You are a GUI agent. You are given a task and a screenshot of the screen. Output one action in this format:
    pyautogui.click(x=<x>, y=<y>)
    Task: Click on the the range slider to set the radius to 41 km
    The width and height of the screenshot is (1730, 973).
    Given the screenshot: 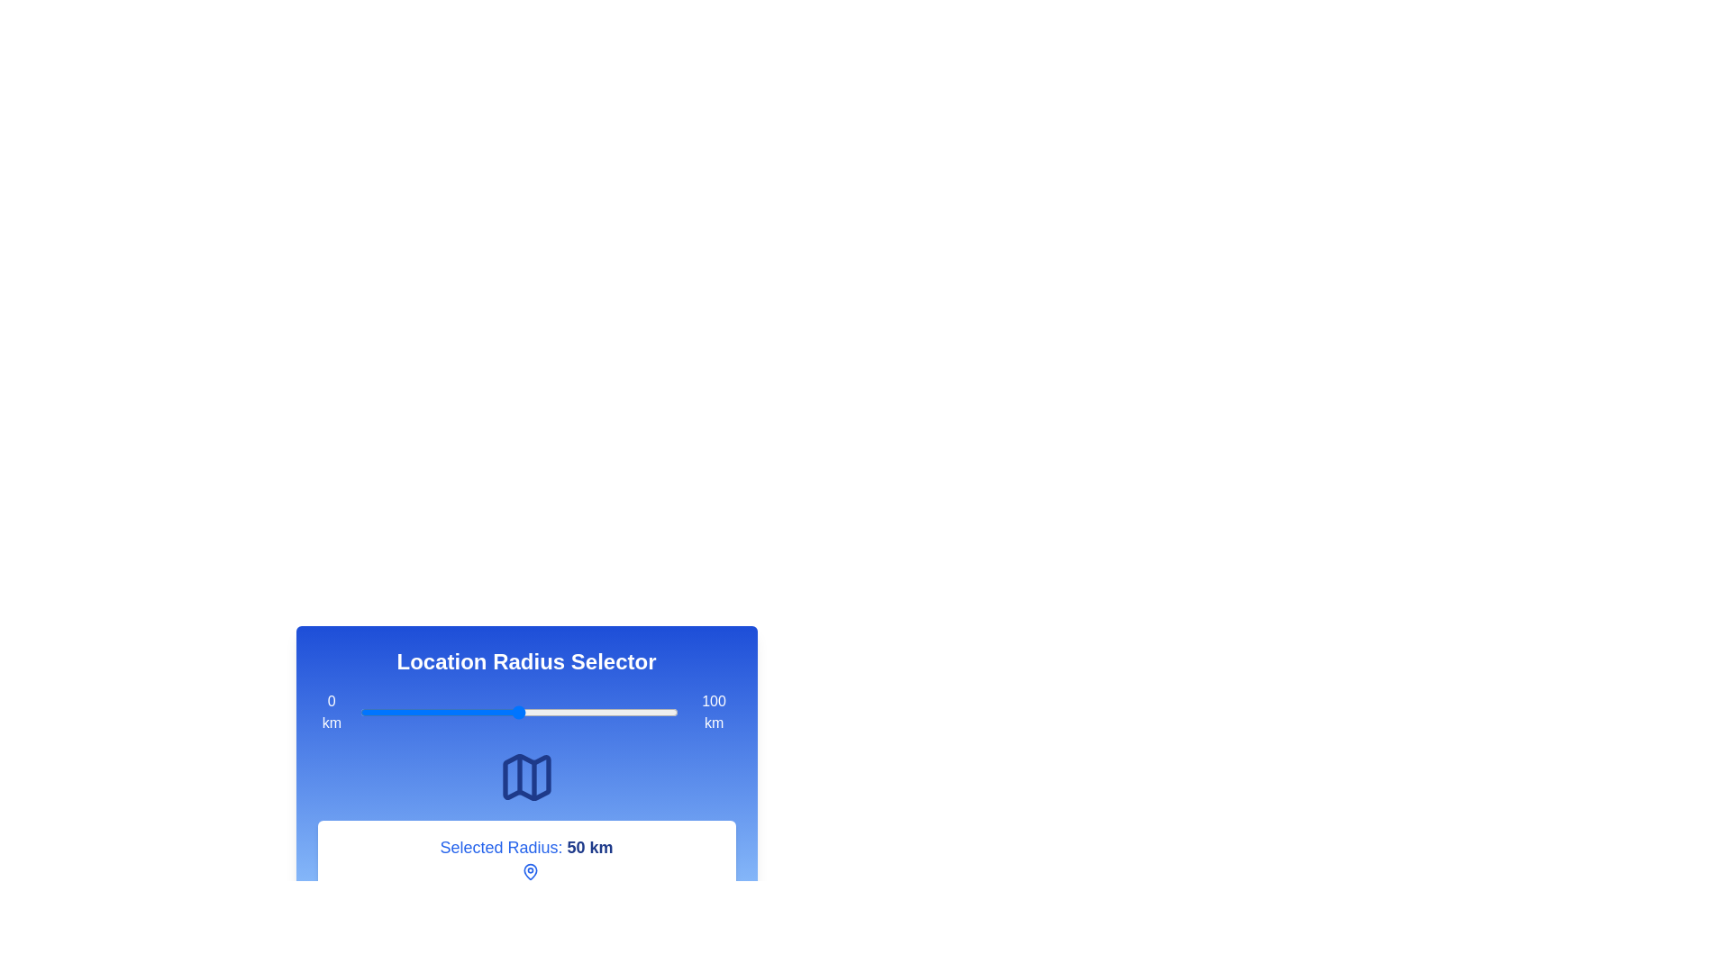 What is the action you would take?
    pyautogui.click(x=490, y=711)
    